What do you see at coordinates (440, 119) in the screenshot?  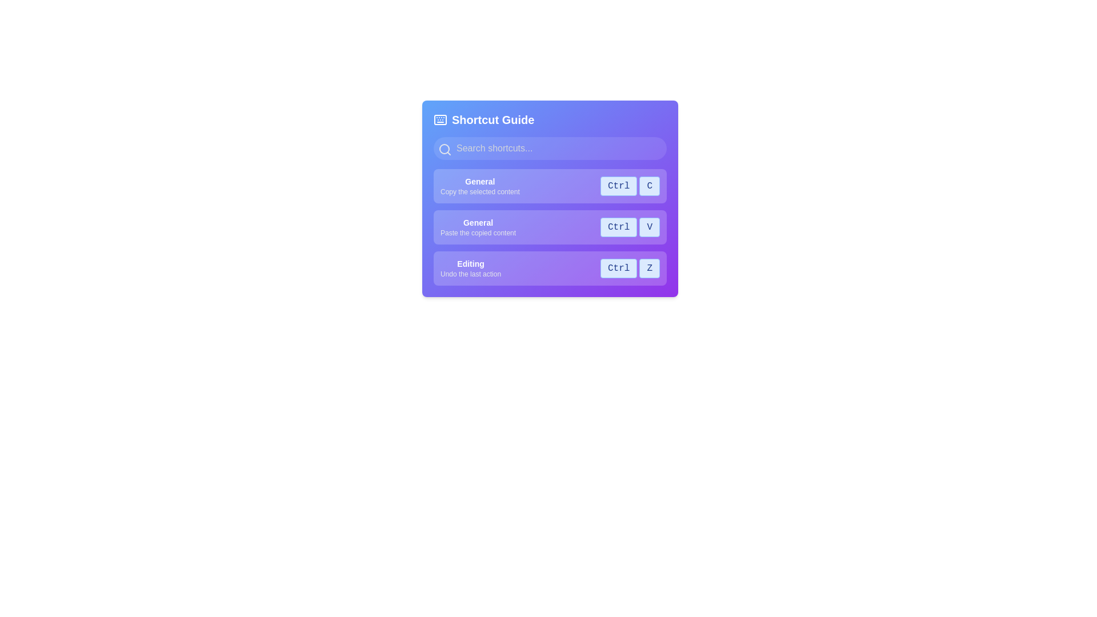 I see `the keyboard icon located to the far left of the 'Shortcut Guide' header, which has a light blue background and rounded edges` at bounding box center [440, 119].